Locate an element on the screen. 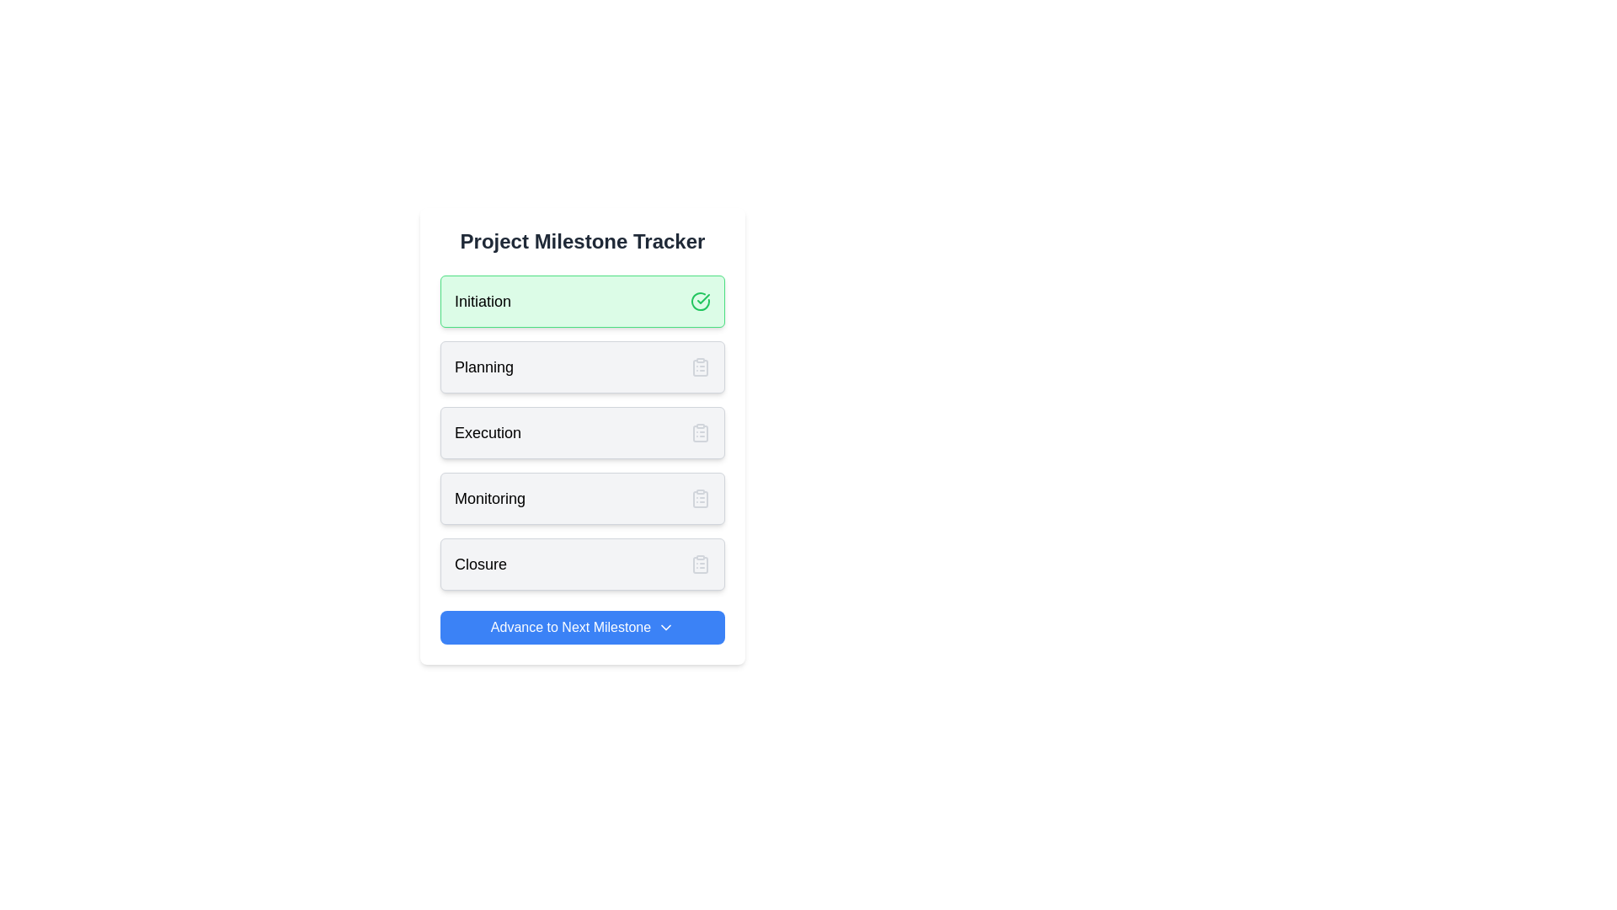 The image size is (1617, 910). the 'Planning' milestone button, which is the second item in the vertical list under 'Project Milestone Tracker' is located at coordinates (582, 366).